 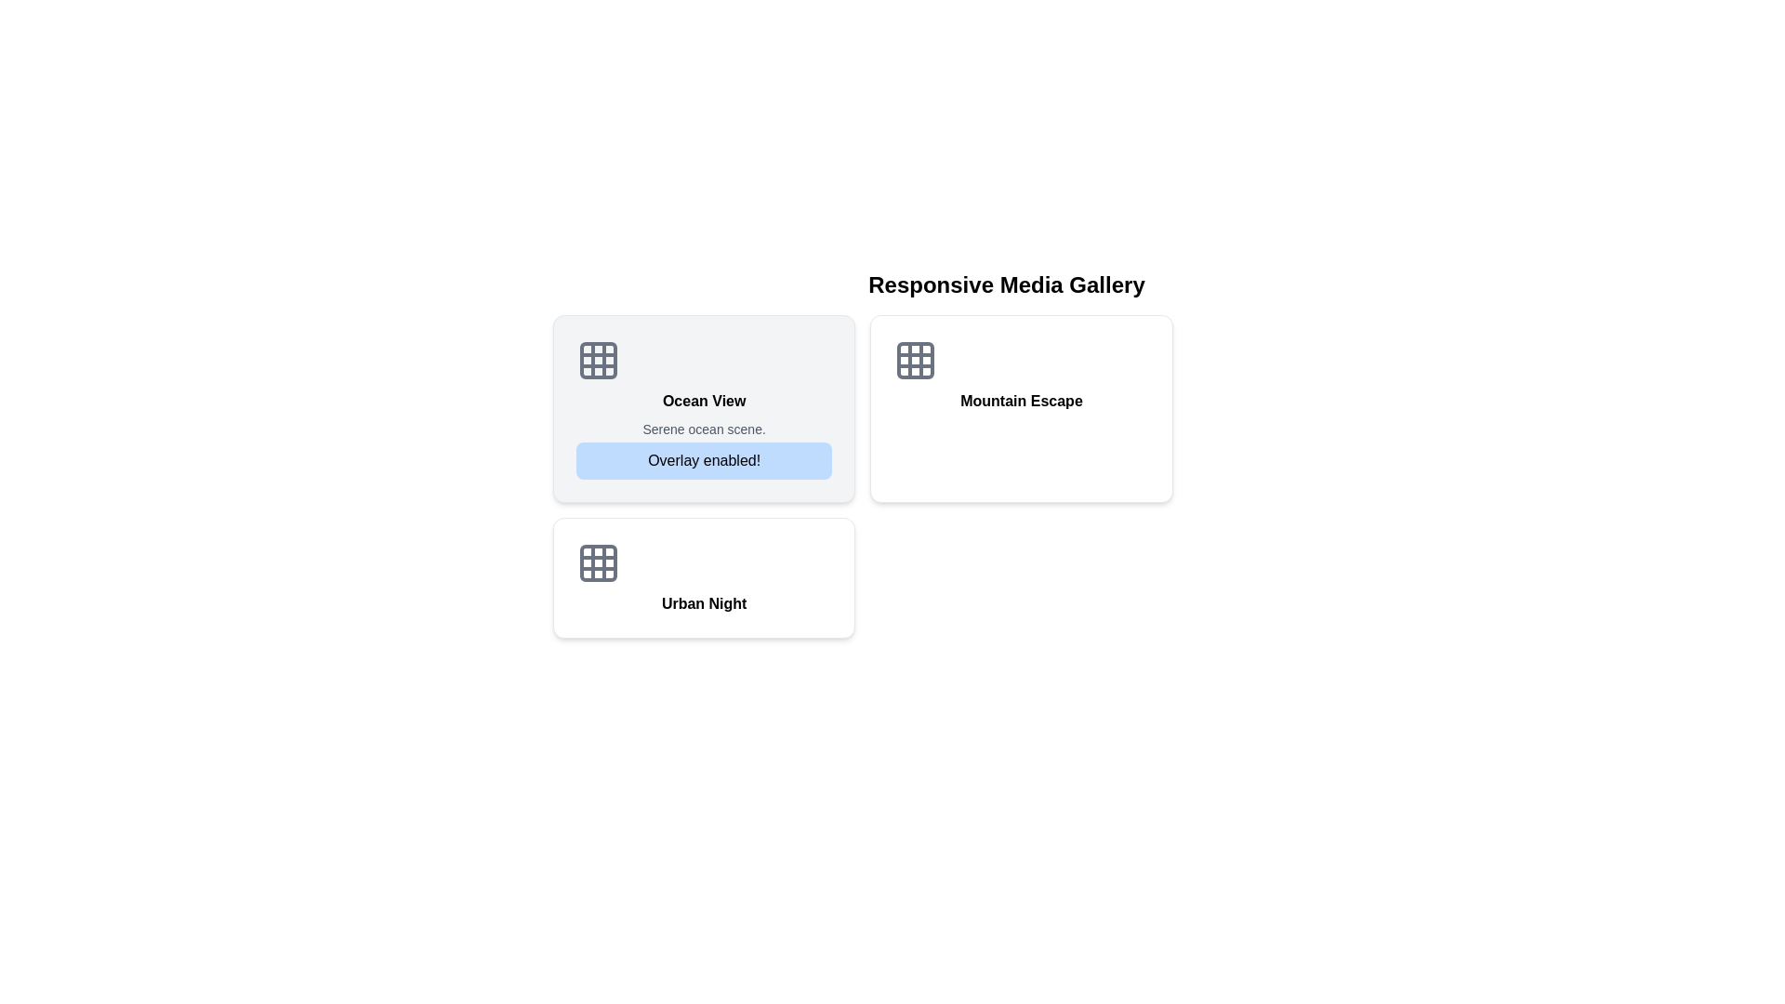 What do you see at coordinates (703, 401) in the screenshot?
I see `text element that serves as a title or heading for the media item, positioned below the grid icon and above the description 'Serene ocean scene.'` at bounding box center [703, 401].